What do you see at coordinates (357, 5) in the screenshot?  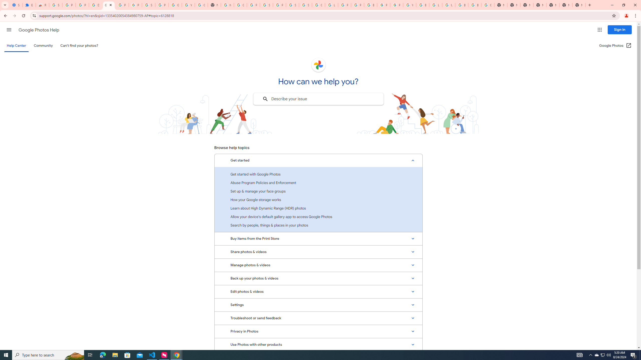 I see `'Privacy Help Center - Policies Help'` at bounding box center [357, 5].